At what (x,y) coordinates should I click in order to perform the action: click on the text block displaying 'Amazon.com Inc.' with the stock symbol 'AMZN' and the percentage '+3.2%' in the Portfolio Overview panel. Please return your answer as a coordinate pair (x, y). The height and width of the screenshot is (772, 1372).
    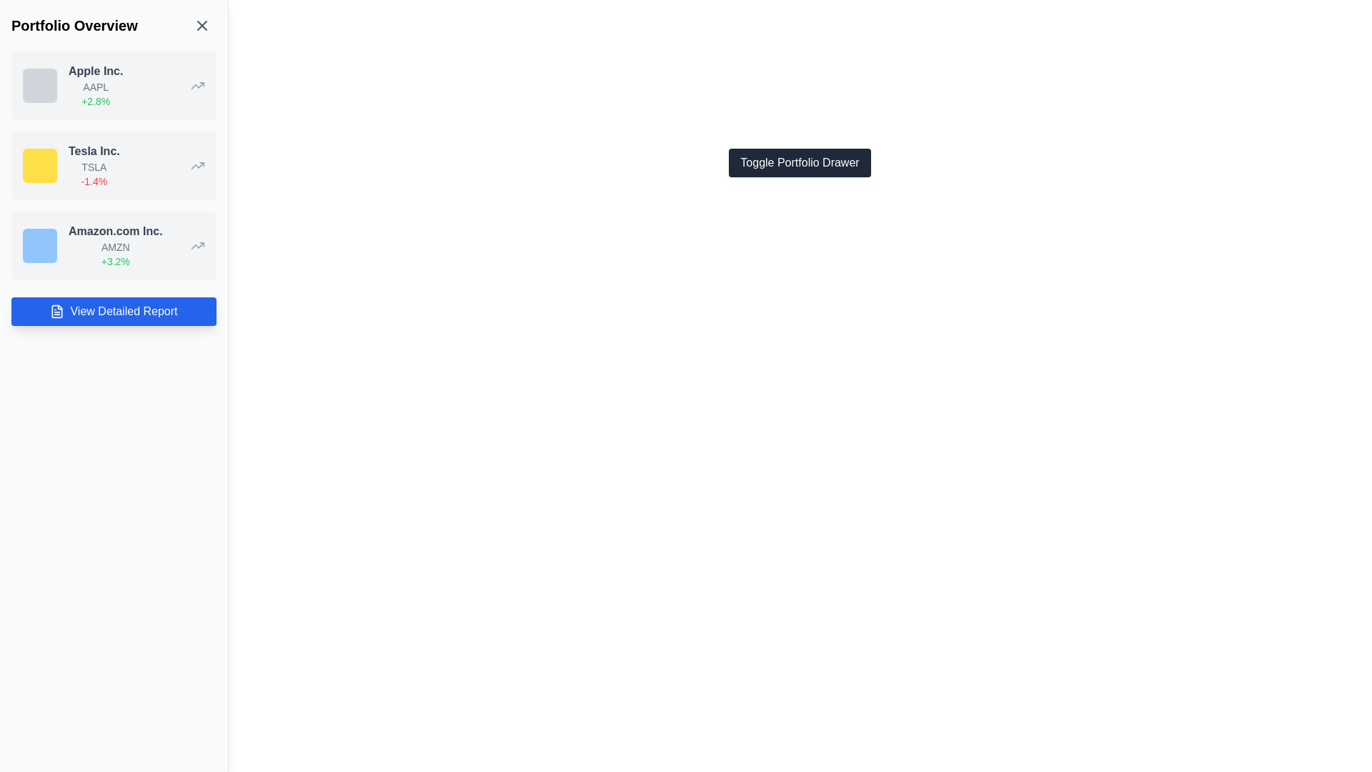
    Looking at the image, I should click on (115, 244).